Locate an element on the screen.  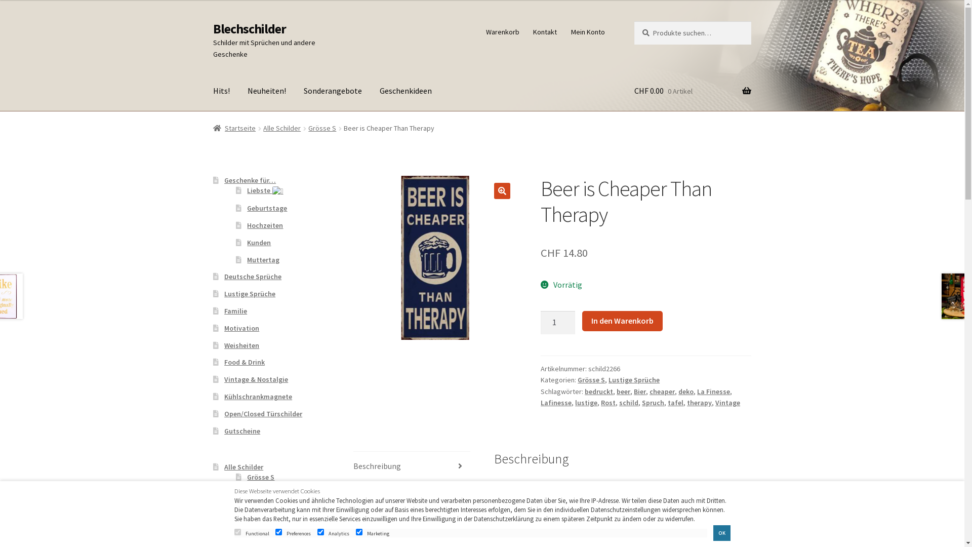
'therapy' is located at coordinates (699, 402).